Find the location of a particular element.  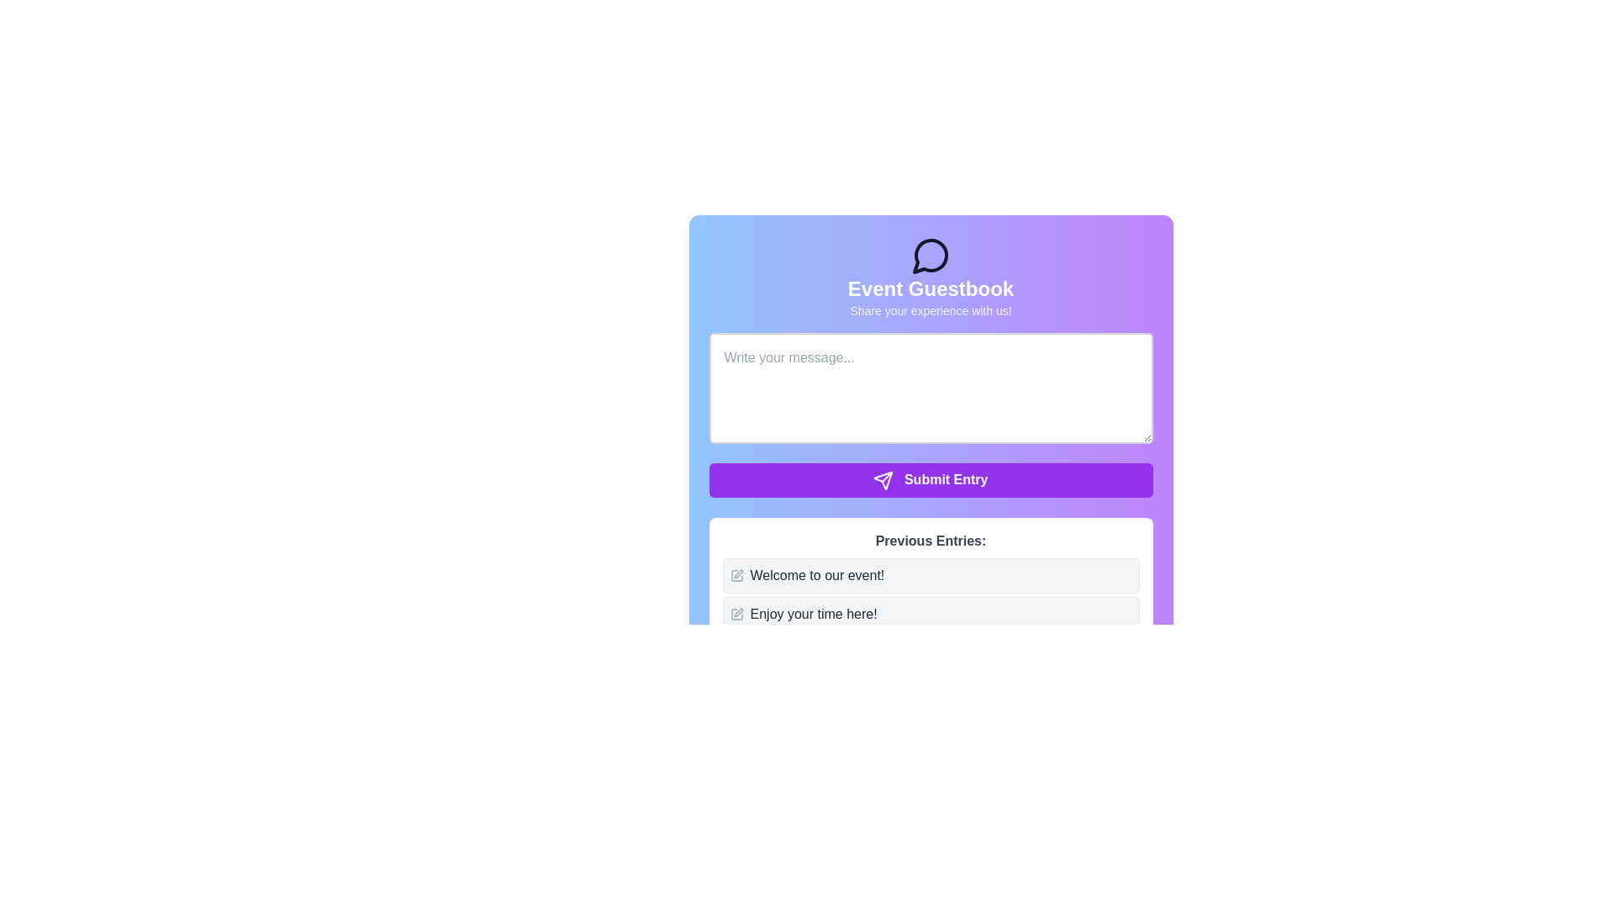

the static text label that reads 'Share your experience with us!' positioned below the title 'Event Guestbook' is located at coordinates (930, 311).